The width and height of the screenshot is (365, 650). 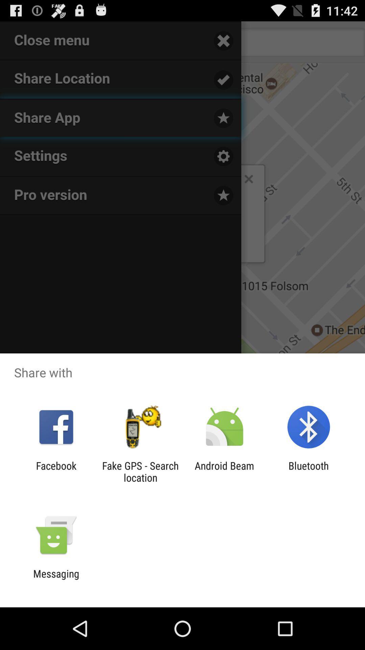 What do you see at coordinates (309, 471) in the screenshot?
I see `the bluetooth at the bottom right corner` at bounding box center [309, 471].